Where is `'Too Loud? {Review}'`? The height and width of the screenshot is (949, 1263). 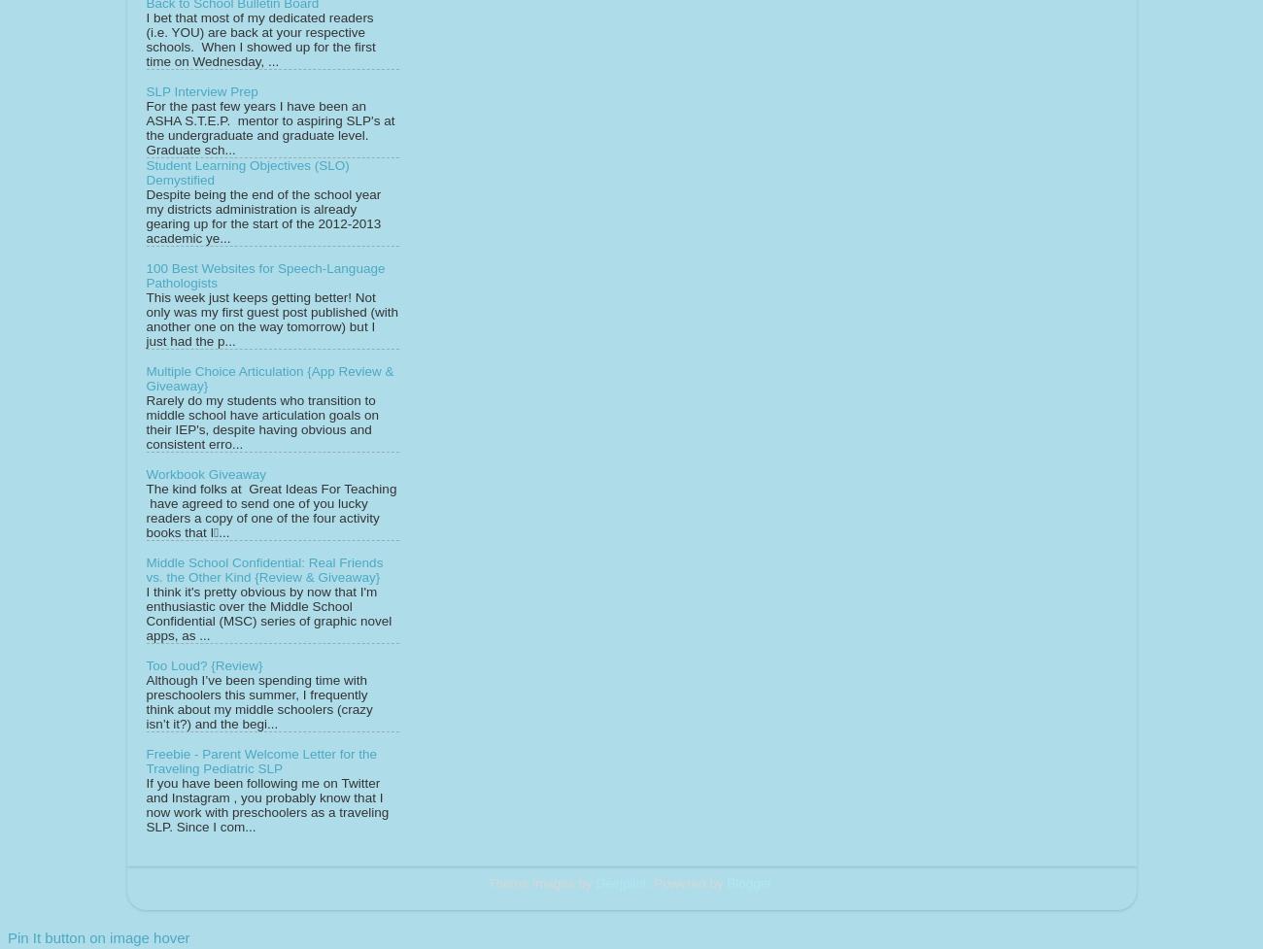 'Too Loud? {Review}' is located at coordinates (203, 664).